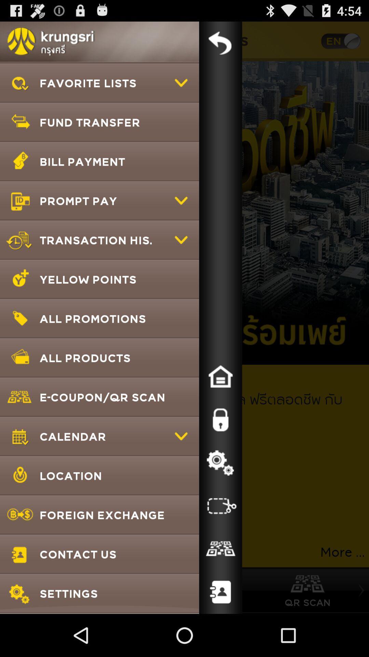  Describe the element at coordinates (220, 420) in the screenshot. I see `lock and safety` at that location.